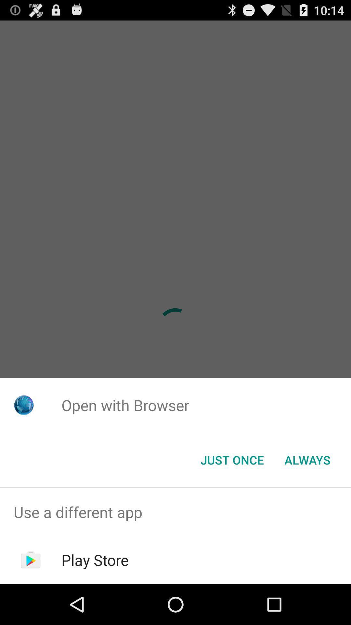 The height and width of the screenshot is (625, 351). Describe the element at coordinates (95, 560) in the screenshot. I see `the play store app` at that location.